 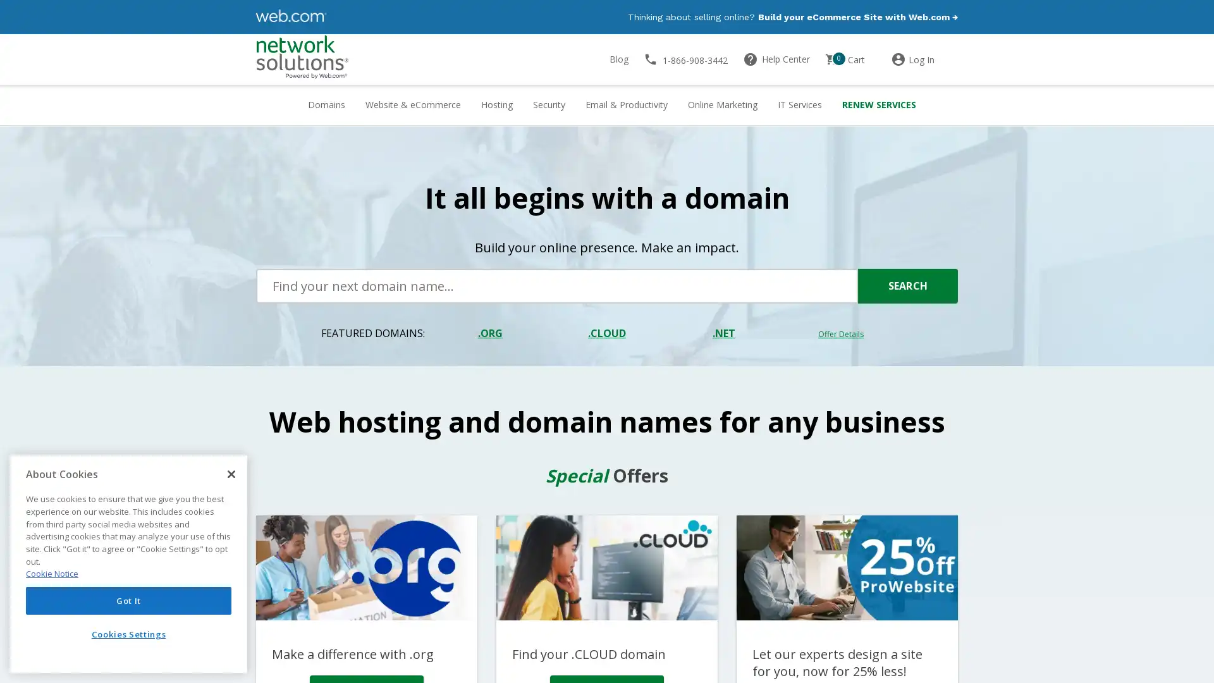 I want to click on Cookies Settings, so click(x=128, y=634).